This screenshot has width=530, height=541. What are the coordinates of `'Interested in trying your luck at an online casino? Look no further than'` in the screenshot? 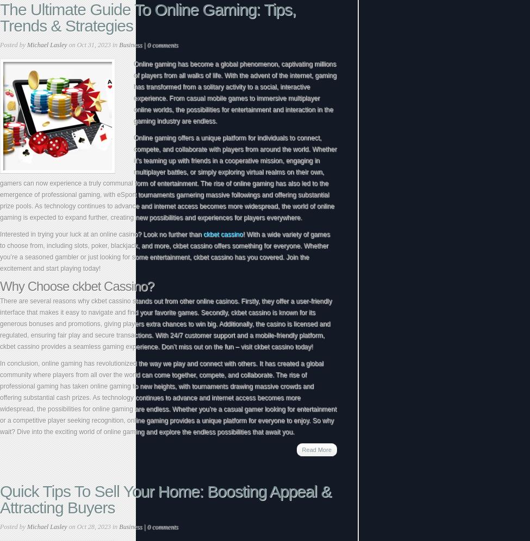 It's located at (101, 234).